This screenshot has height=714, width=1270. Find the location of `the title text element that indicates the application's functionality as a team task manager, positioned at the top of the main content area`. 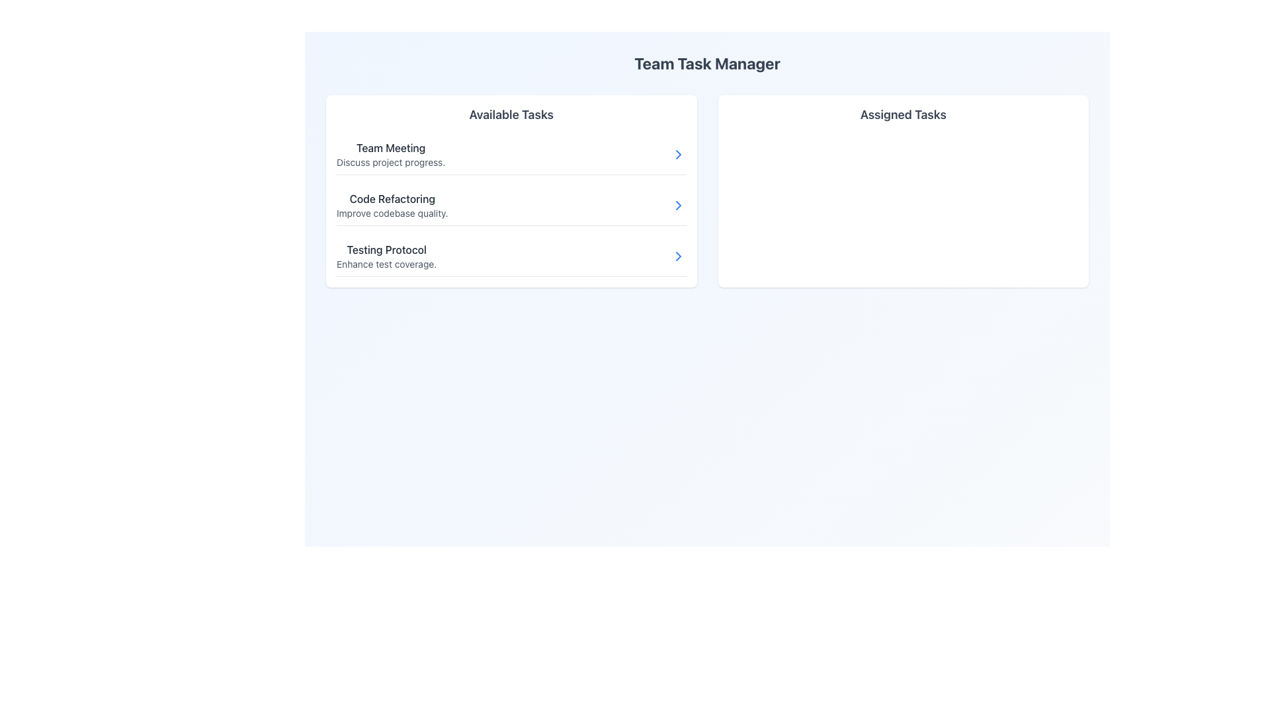

the title text element that indicates the application's functionality as a team task manager, positioned at the top of the main content area is located at coordinates (706, 63).